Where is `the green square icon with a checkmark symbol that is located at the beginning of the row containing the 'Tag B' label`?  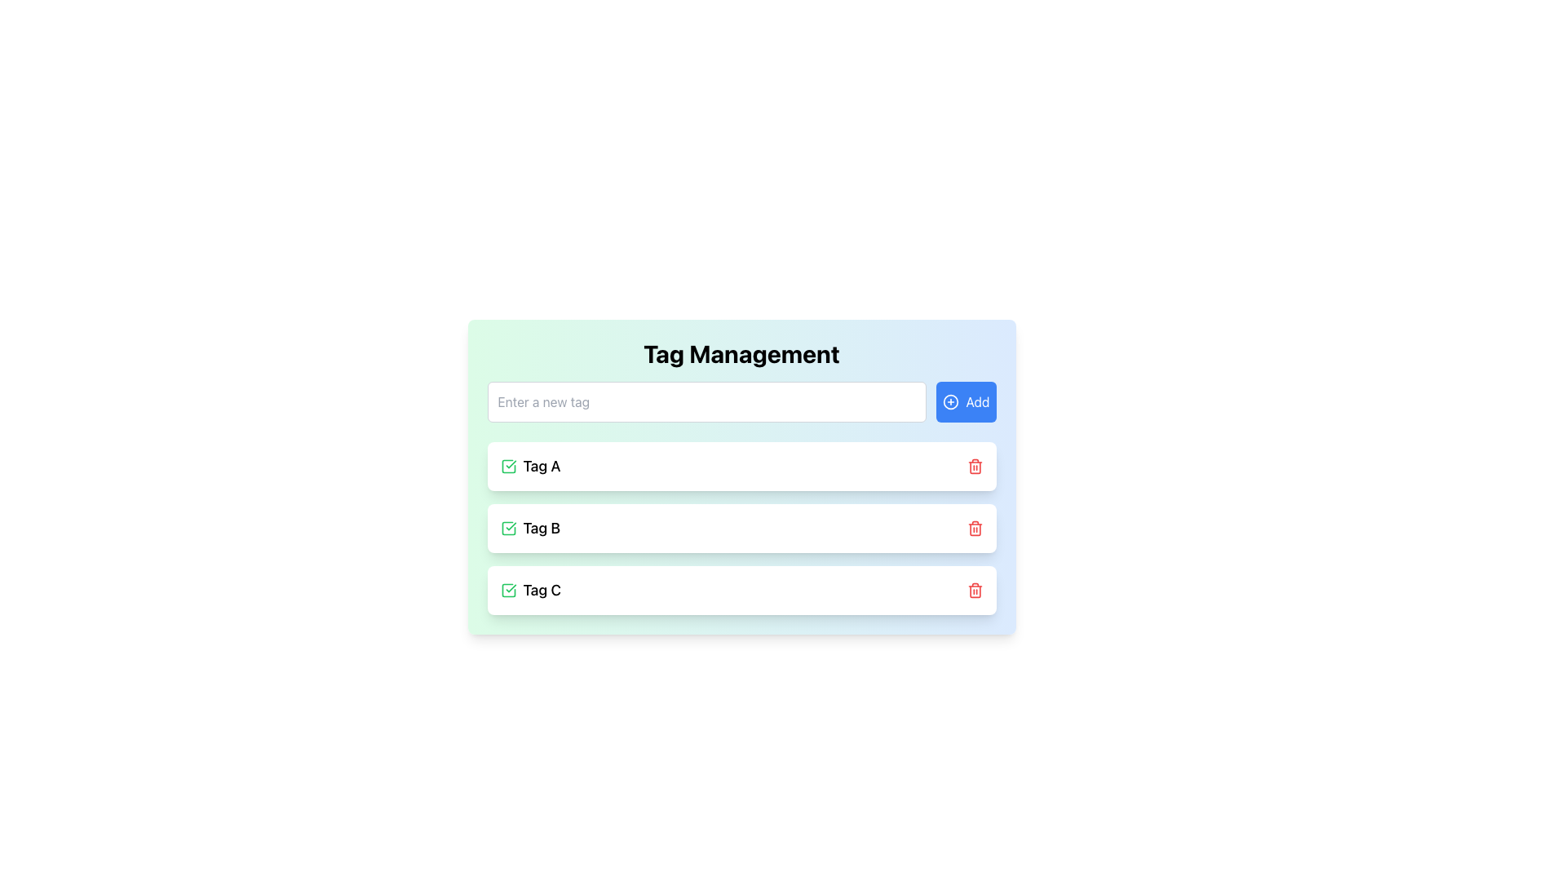
the green square icon with a checkmark symbol that is located at the beginning of the row containing the 'Tag B' label is located at coordinates (507, 529).